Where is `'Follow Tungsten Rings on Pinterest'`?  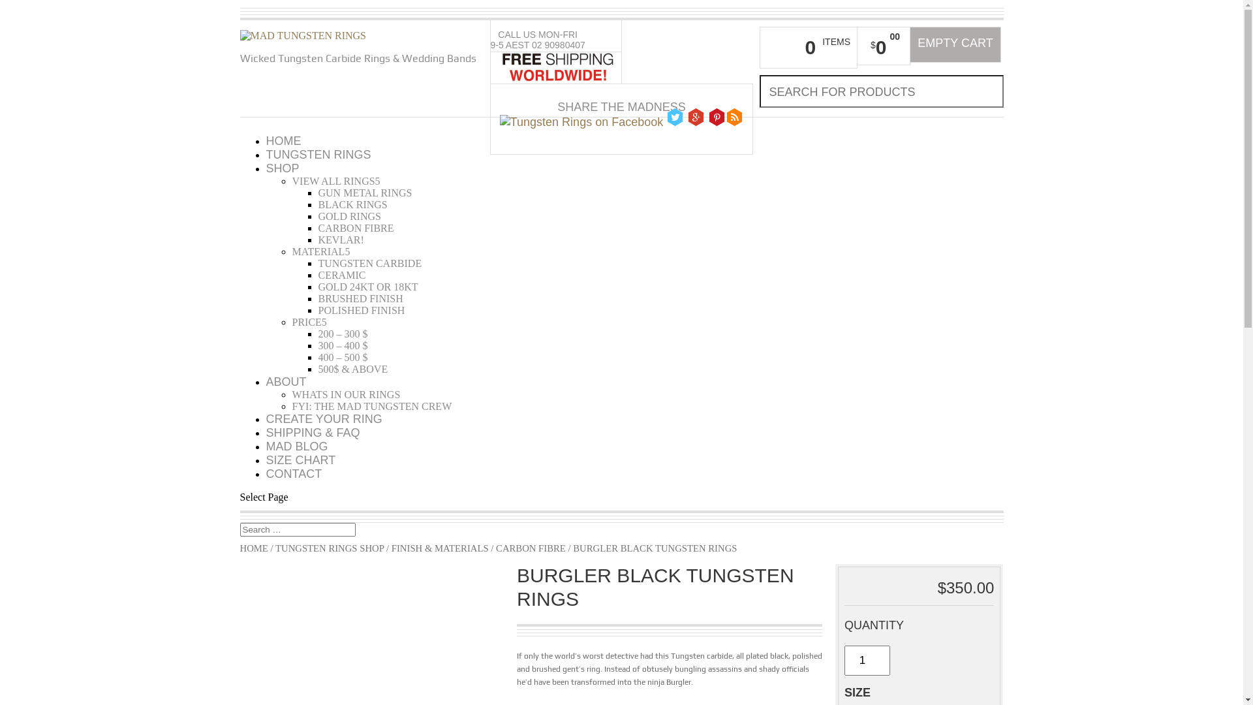
'Follow Tungsten Rings on Pinterest' is located at coordinates (716, 116).